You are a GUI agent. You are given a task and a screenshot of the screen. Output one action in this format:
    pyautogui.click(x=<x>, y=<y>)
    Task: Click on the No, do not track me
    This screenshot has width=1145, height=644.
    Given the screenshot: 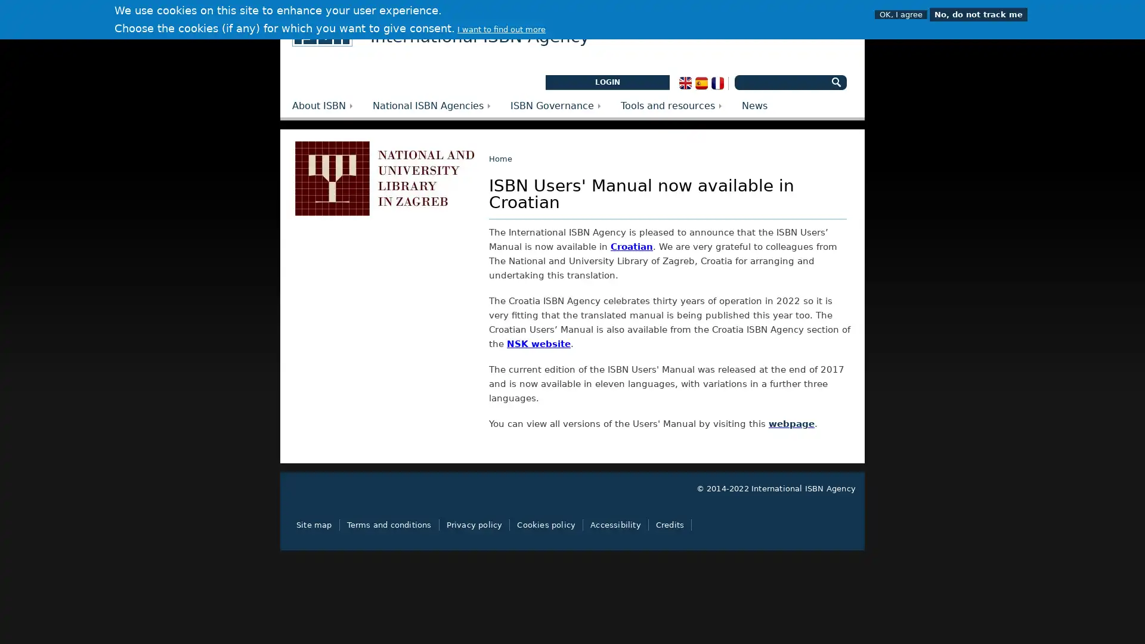 What is the action you would take?
    pyautogui.click(x=979, y=14)
    